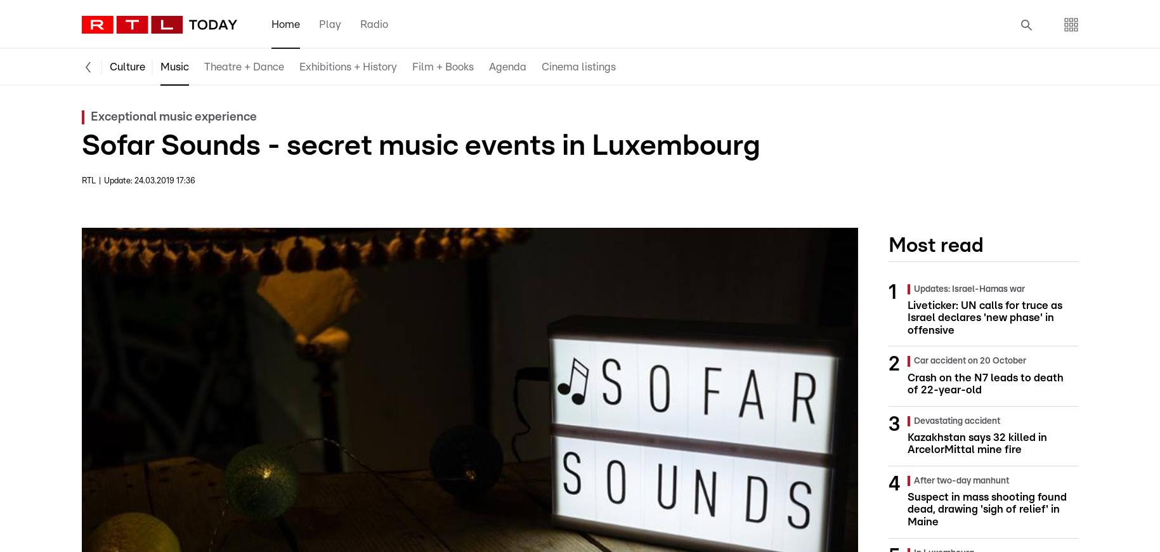 Image resolution: width=1160 pixels, height=552 pixels. What do you see at coordinates (985, 383) in the screenshot?
I see `'Crash on the N7 leads to death of 22-year-old'` at bounding box center [985, 383].